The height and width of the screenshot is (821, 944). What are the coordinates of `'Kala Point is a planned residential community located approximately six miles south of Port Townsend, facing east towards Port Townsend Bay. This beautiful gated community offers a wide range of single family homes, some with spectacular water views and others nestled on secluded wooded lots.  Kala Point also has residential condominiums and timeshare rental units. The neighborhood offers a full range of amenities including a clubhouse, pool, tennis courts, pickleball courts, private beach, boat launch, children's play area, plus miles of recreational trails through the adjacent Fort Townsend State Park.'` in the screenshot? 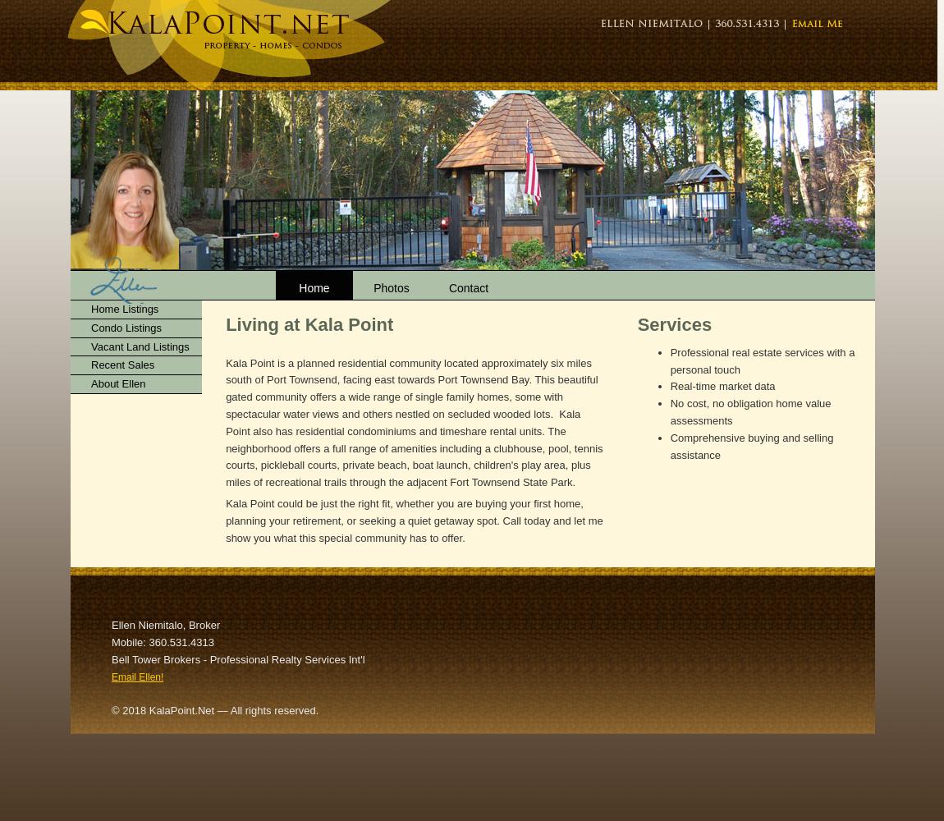 It's located at (414, 422).